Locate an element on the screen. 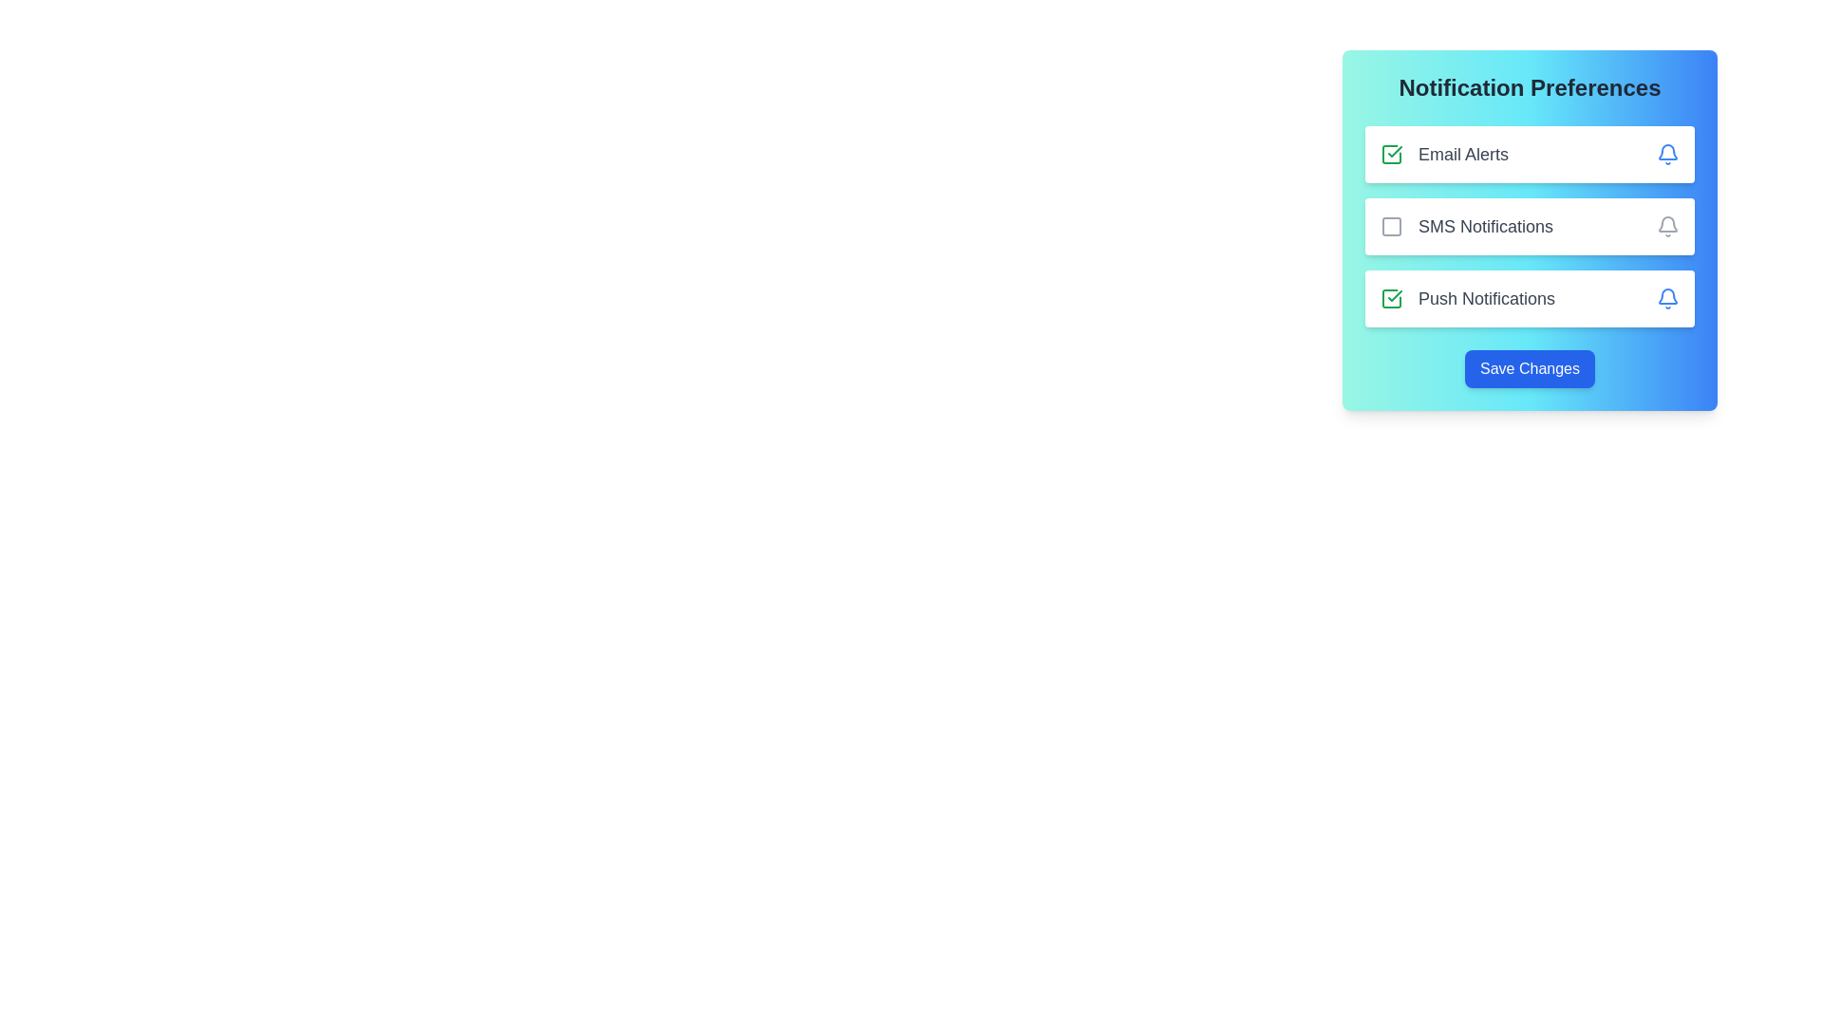  the green checkmark icon associated with the 'Push Notifications' option in the Notification Preferences section is located at coordinates (1395, 296).